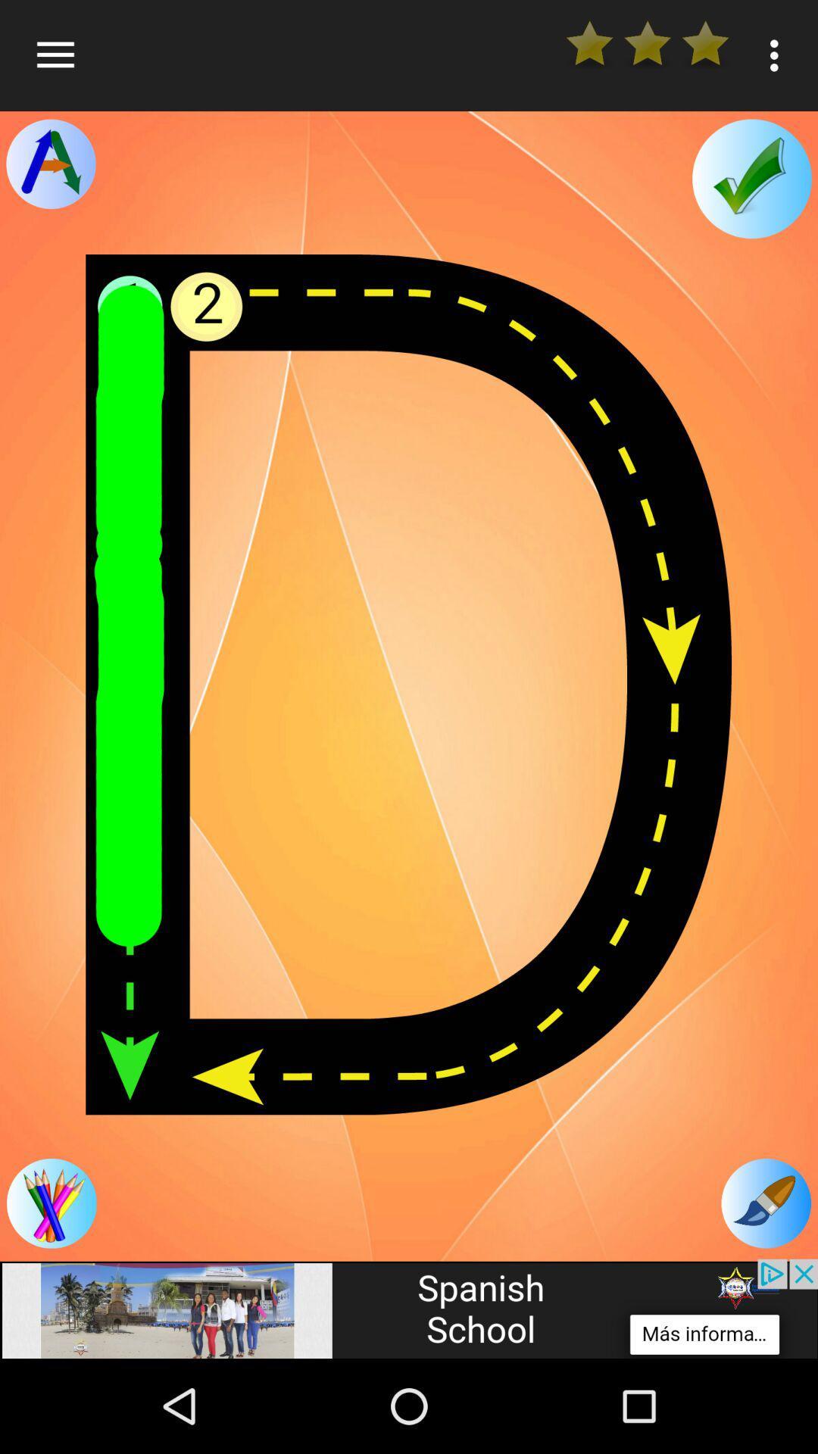 The height and width of the screenshot is (1454, 818). Describe the element at coordinates (751, 179) in the screenshot. I see `click check mark` at that location.